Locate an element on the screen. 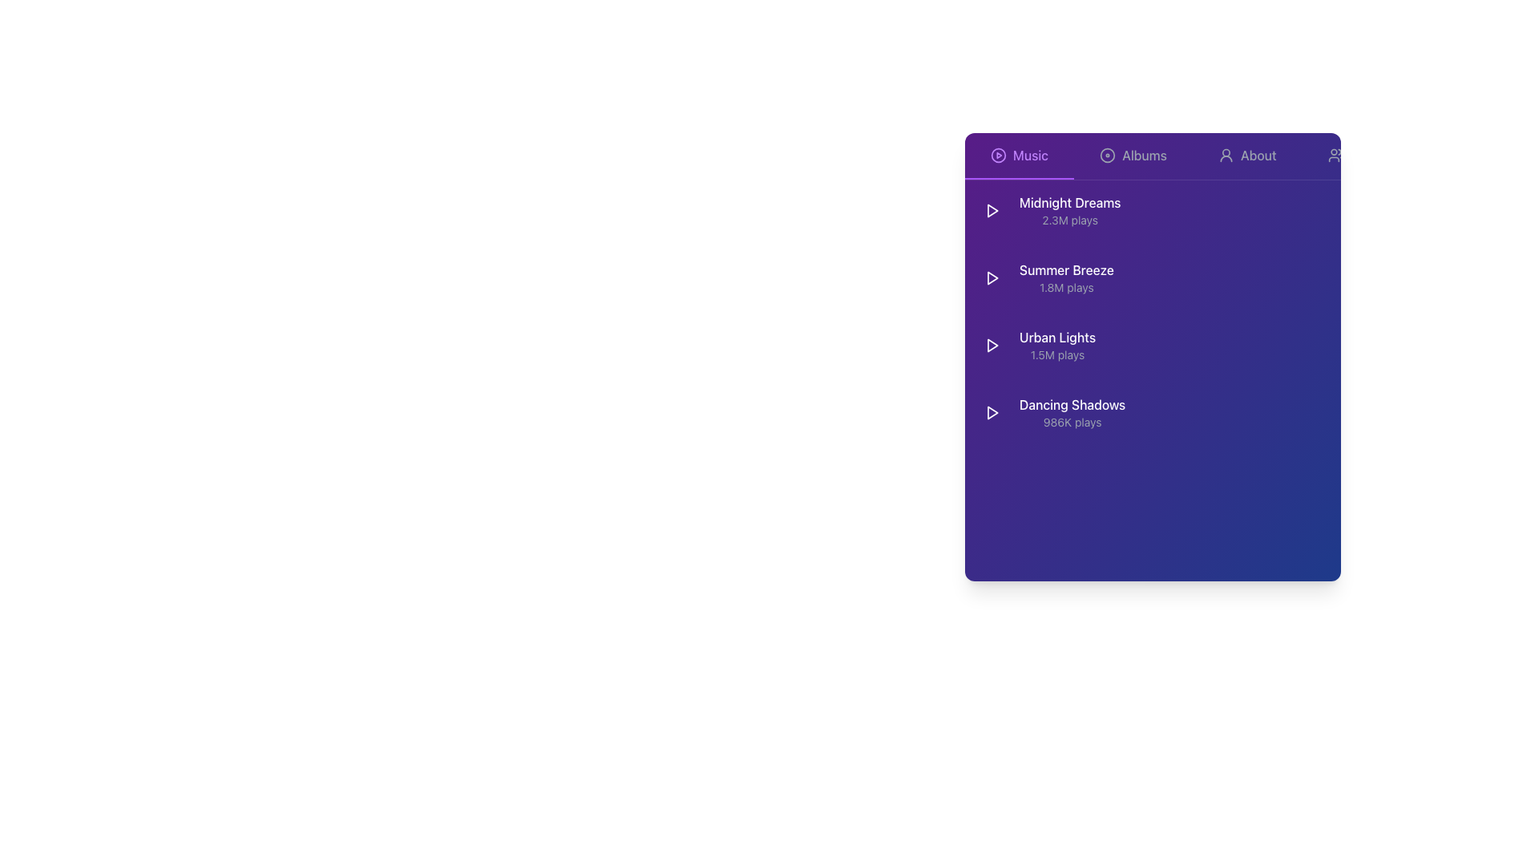  the list item displaying 'Urban Lights' with '1.5M plays' is located at coordinates (1057, 345).